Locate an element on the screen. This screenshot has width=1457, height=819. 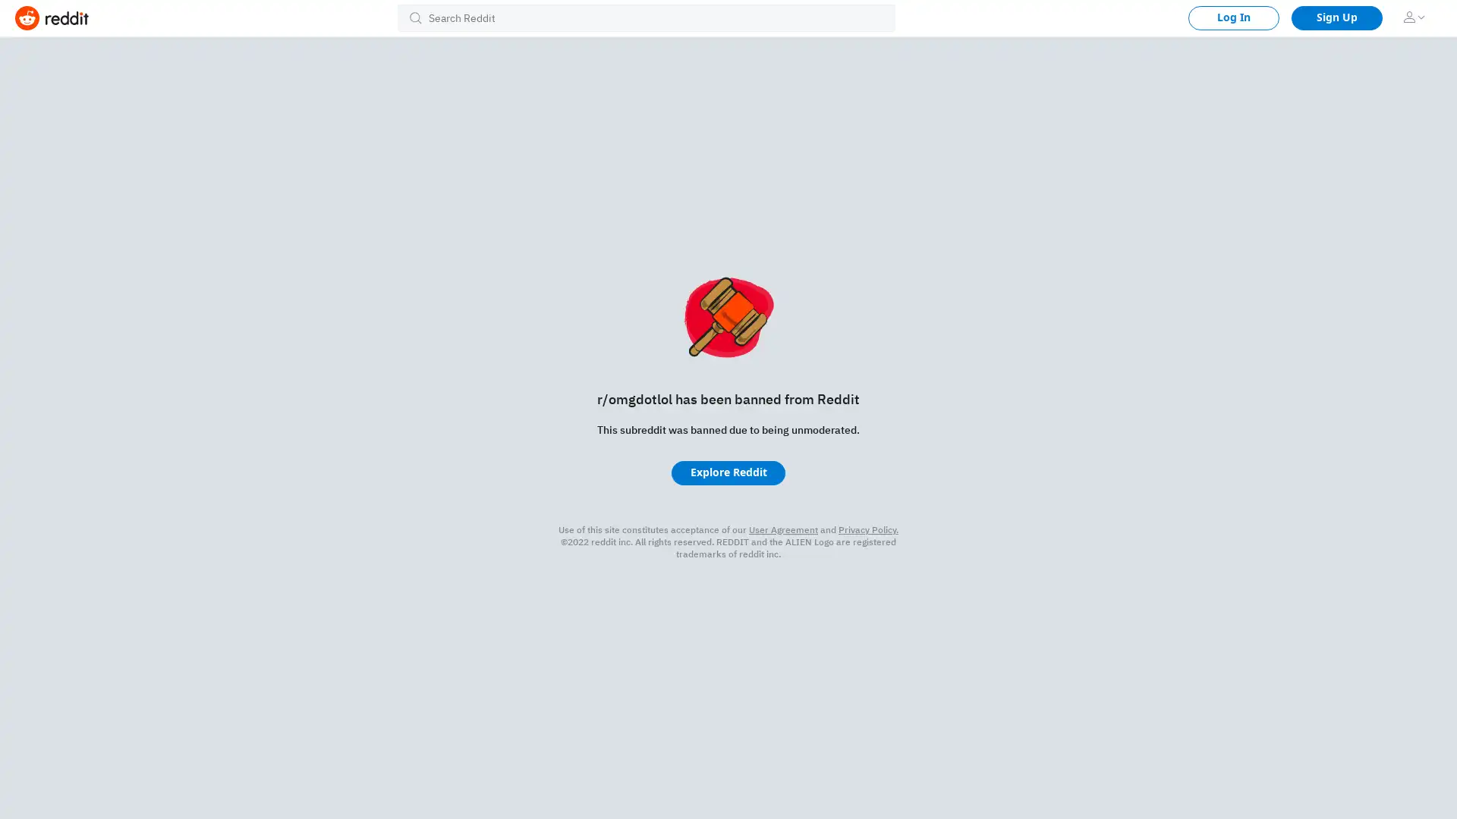
Explore Reddit is located at coordinates (728, 472).